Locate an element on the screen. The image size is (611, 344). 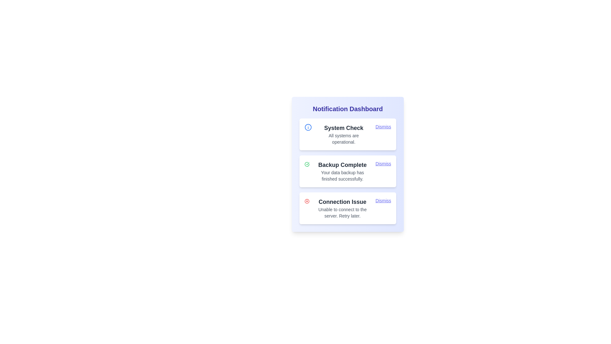
the static text label reading 'Notification Dashboard', which is styled in bold indigo at the top of the notification card is located at coordinates (348, 109).